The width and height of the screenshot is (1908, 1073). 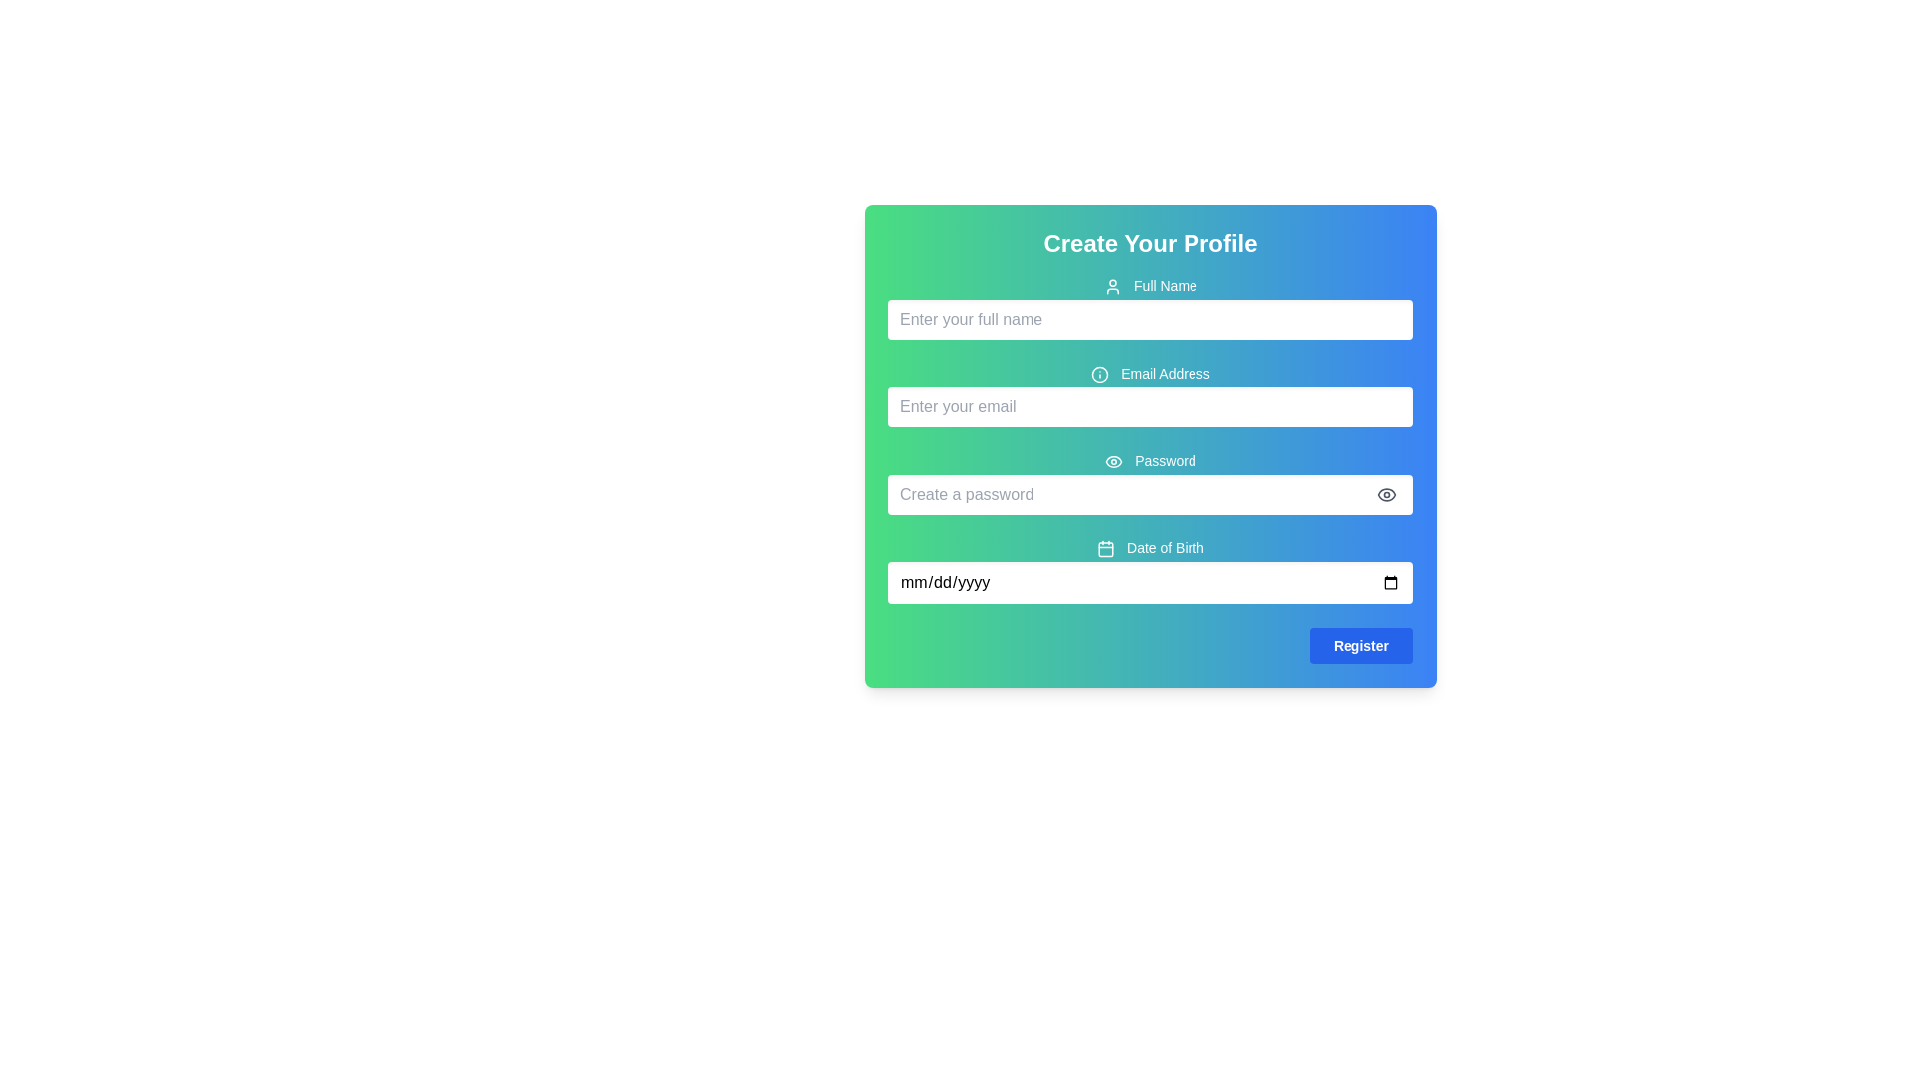 What do you see at coordinates (1150, 307) in the screenshot?
I see `the text input field for the user's full name, which is the first field in a vertical form layout within a bordered responsive card UI to focus on it` at bounding box center [1150, 307].